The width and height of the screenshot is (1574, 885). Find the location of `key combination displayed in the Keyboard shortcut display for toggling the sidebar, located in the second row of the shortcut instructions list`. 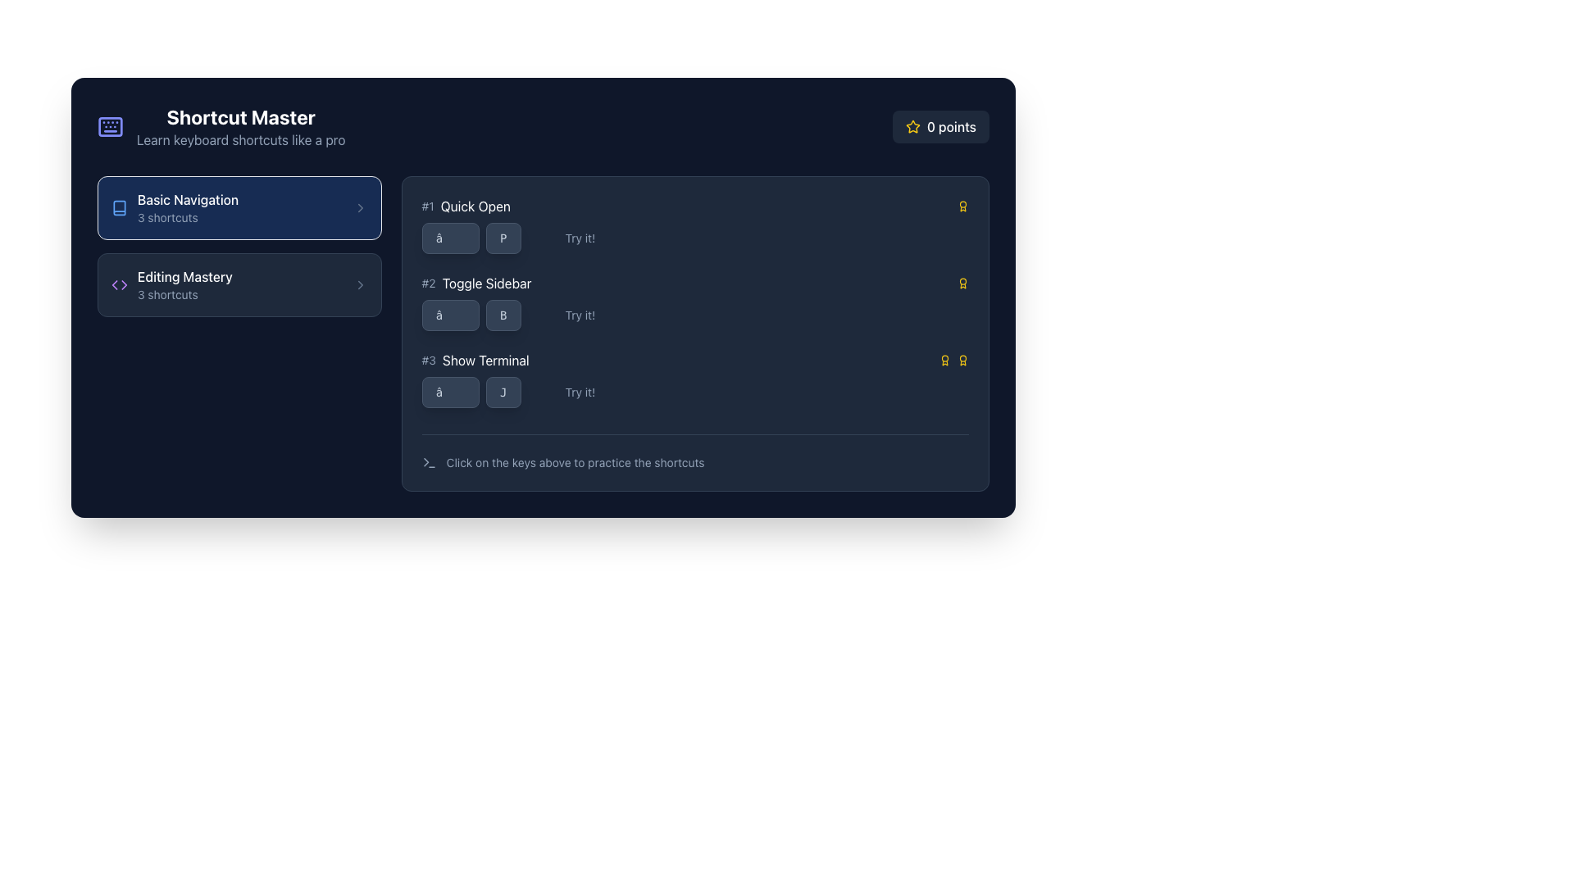

key combination displayed in the Keyboard shortcut display for toggling the sidebar, located in the second row of the shortcut instructions list is located at coordinates (471, 315).